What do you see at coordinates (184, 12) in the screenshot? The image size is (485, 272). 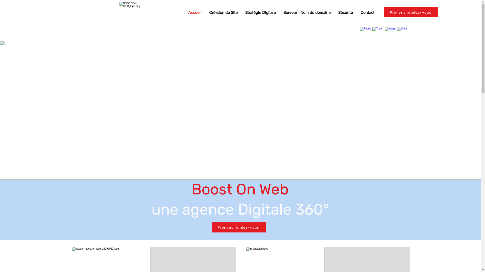 I see `'Accueil'` at bounding box center [184, 12].